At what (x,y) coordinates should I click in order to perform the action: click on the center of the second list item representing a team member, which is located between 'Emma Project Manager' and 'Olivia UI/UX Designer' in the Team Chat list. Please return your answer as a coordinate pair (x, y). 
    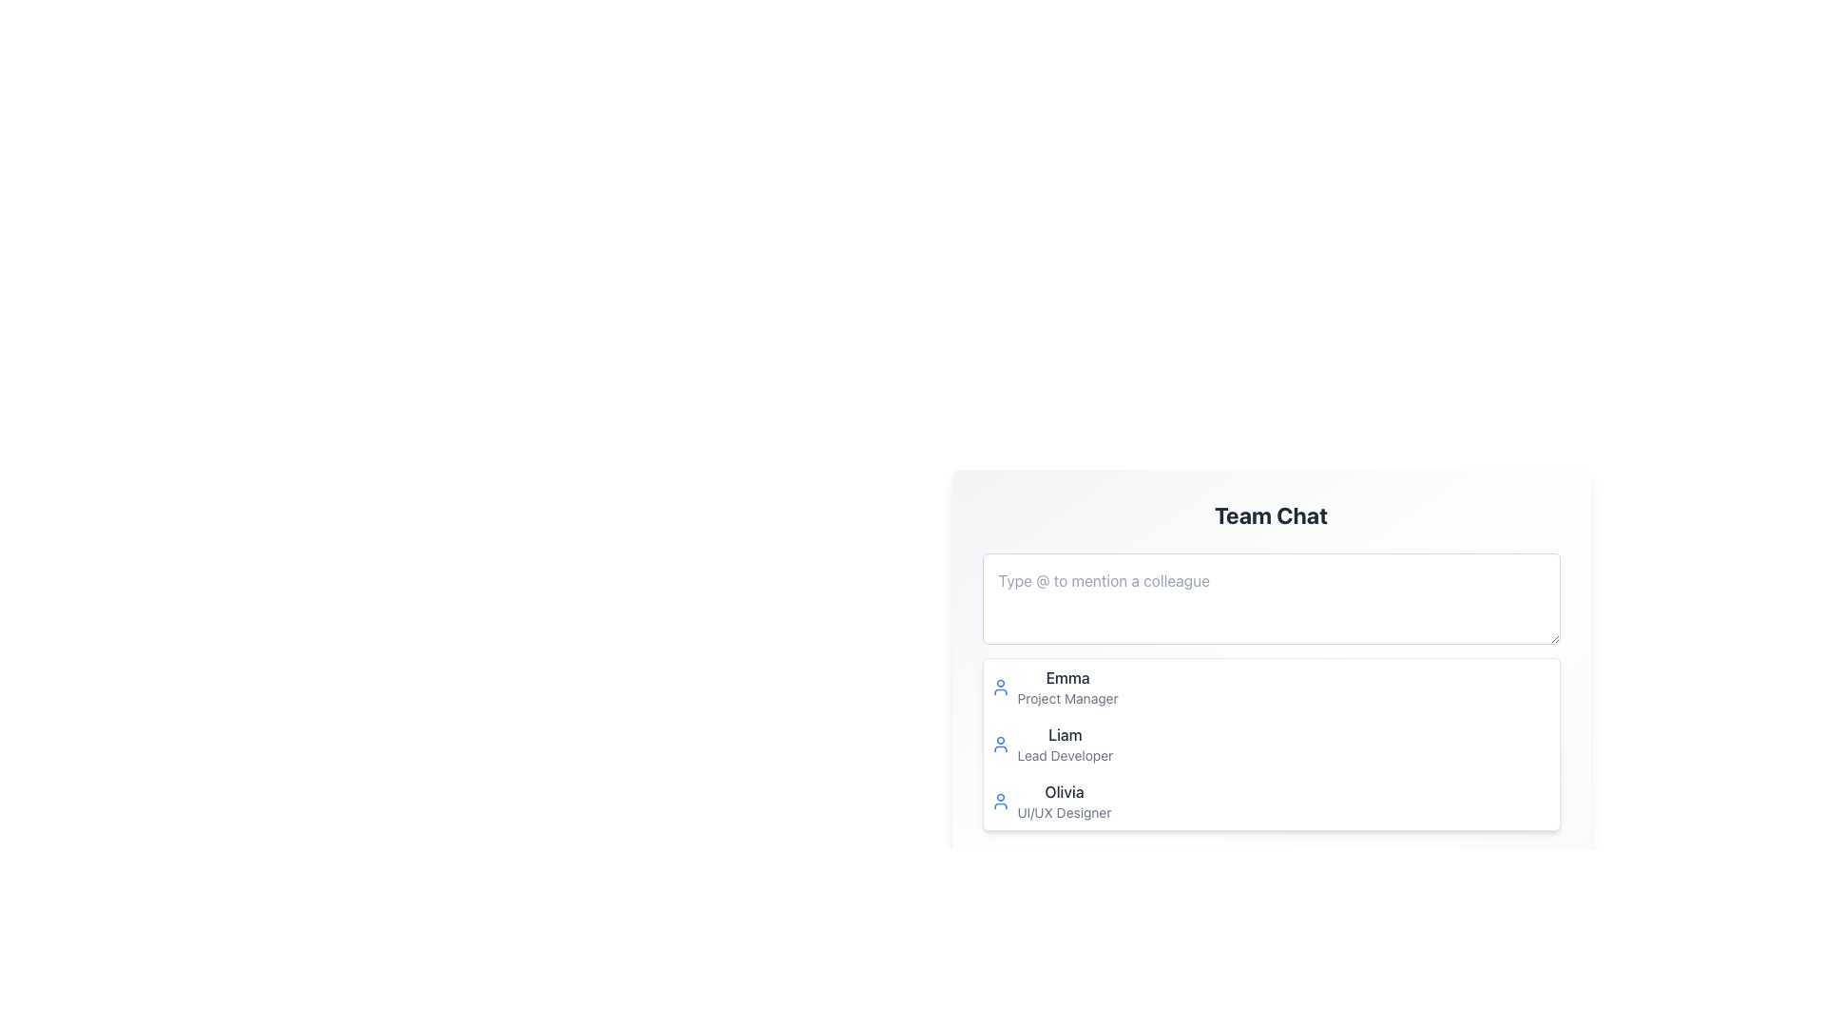
    Looking at the image, I should click on (1065, 744).